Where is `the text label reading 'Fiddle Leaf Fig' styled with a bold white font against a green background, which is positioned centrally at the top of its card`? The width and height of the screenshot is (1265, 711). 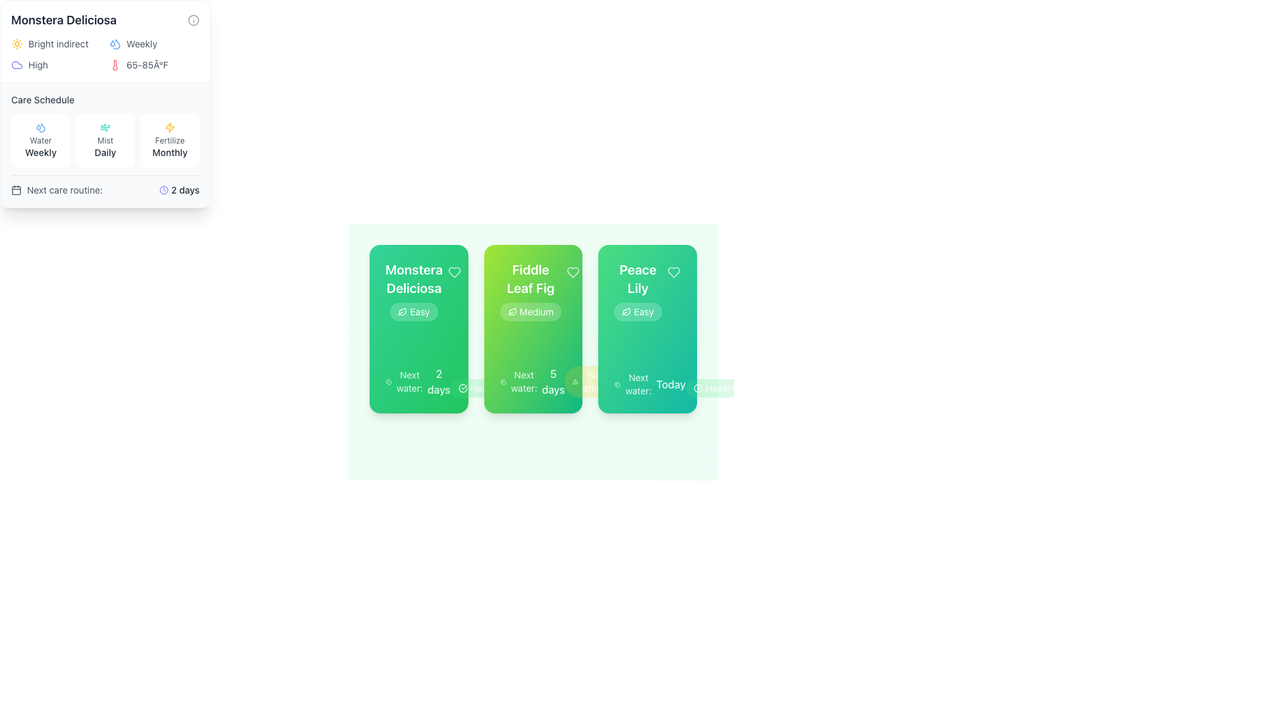
the text label reading 'Fiddle Leaf Fig' styled with a bold white font against a green background, which is positioned centrally at the top of its card is located at coordinates (530, 278).